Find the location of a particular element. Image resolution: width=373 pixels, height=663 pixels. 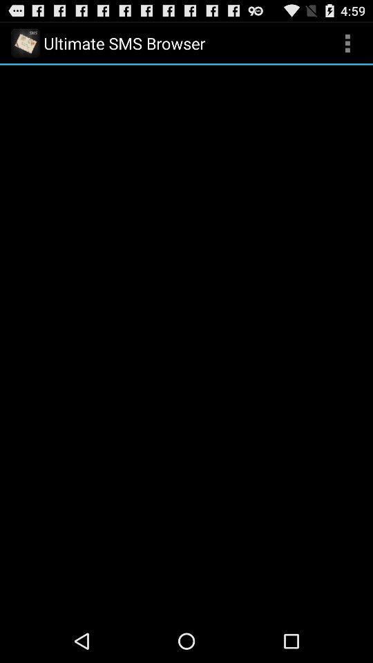

item next to the ultimate sms browser item is located at coordinates (347, 43).